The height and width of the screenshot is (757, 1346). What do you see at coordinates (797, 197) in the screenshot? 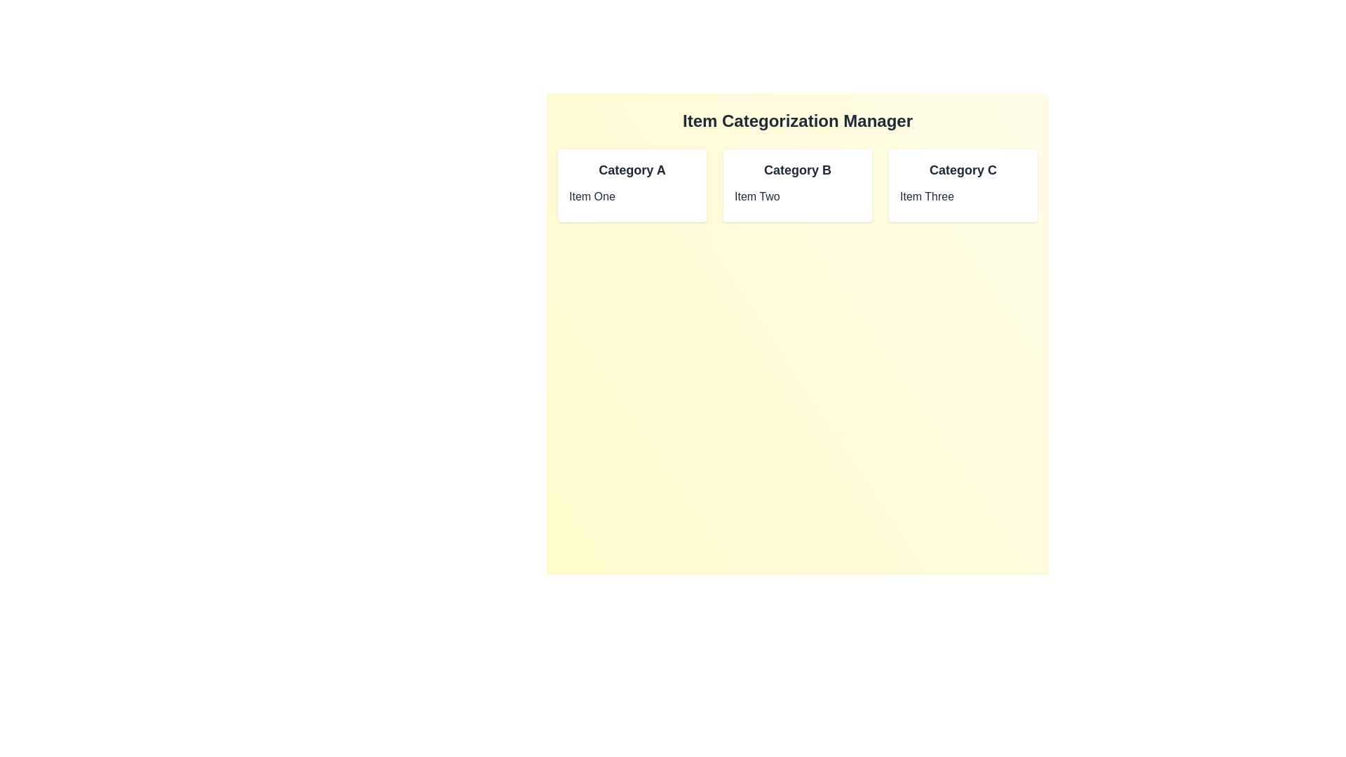
I see `the item Item Two to display its details` at bounding box center [797, 197].